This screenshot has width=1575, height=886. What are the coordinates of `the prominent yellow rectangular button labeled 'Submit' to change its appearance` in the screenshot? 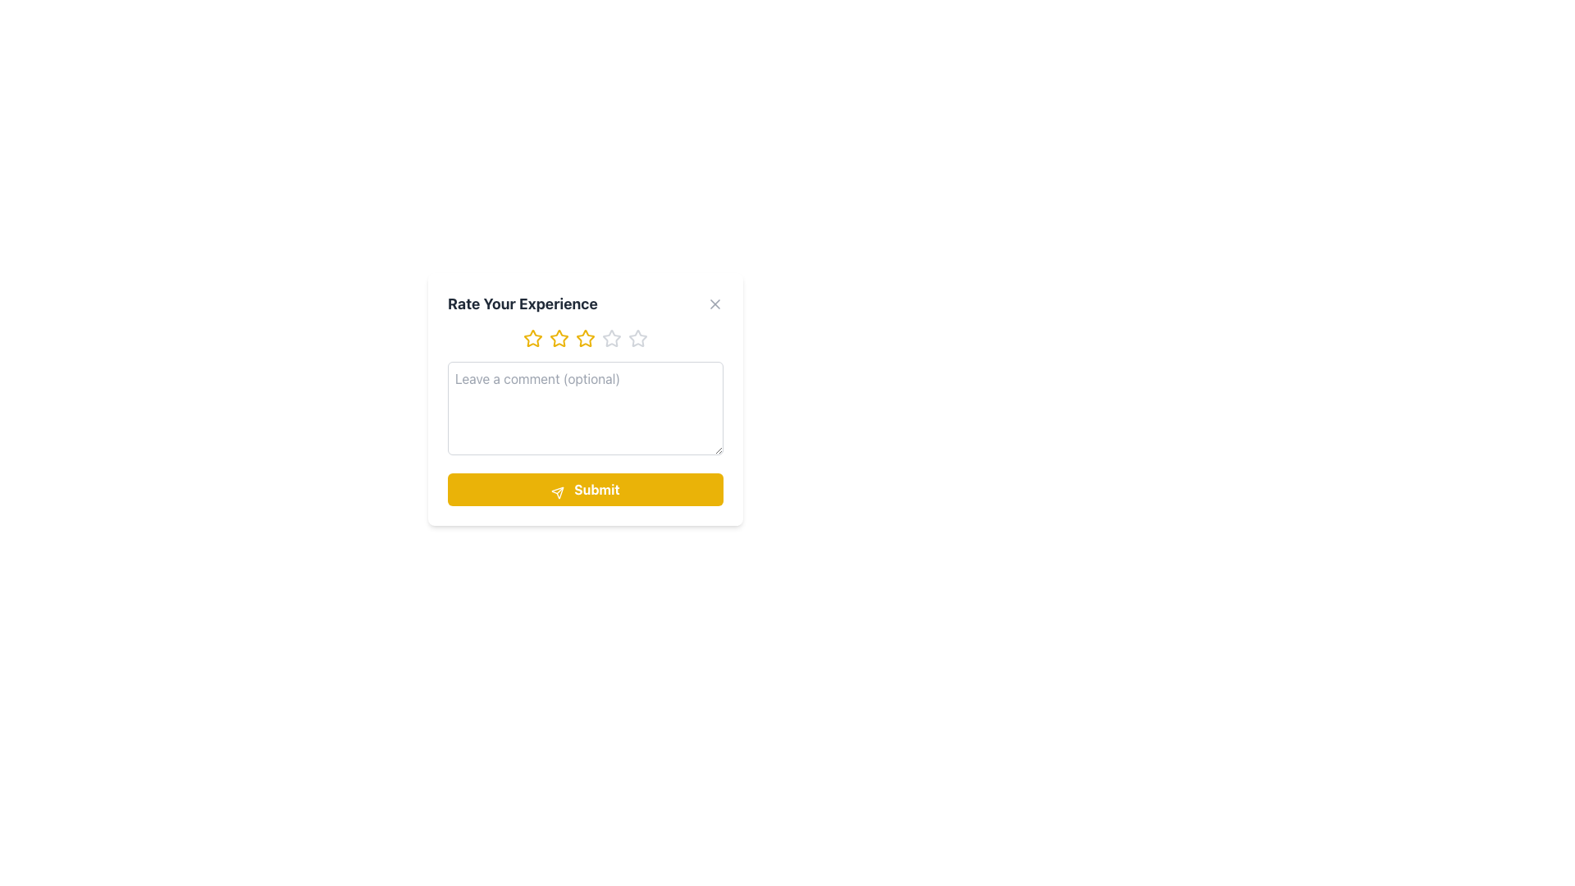 It's located at (586, 489).